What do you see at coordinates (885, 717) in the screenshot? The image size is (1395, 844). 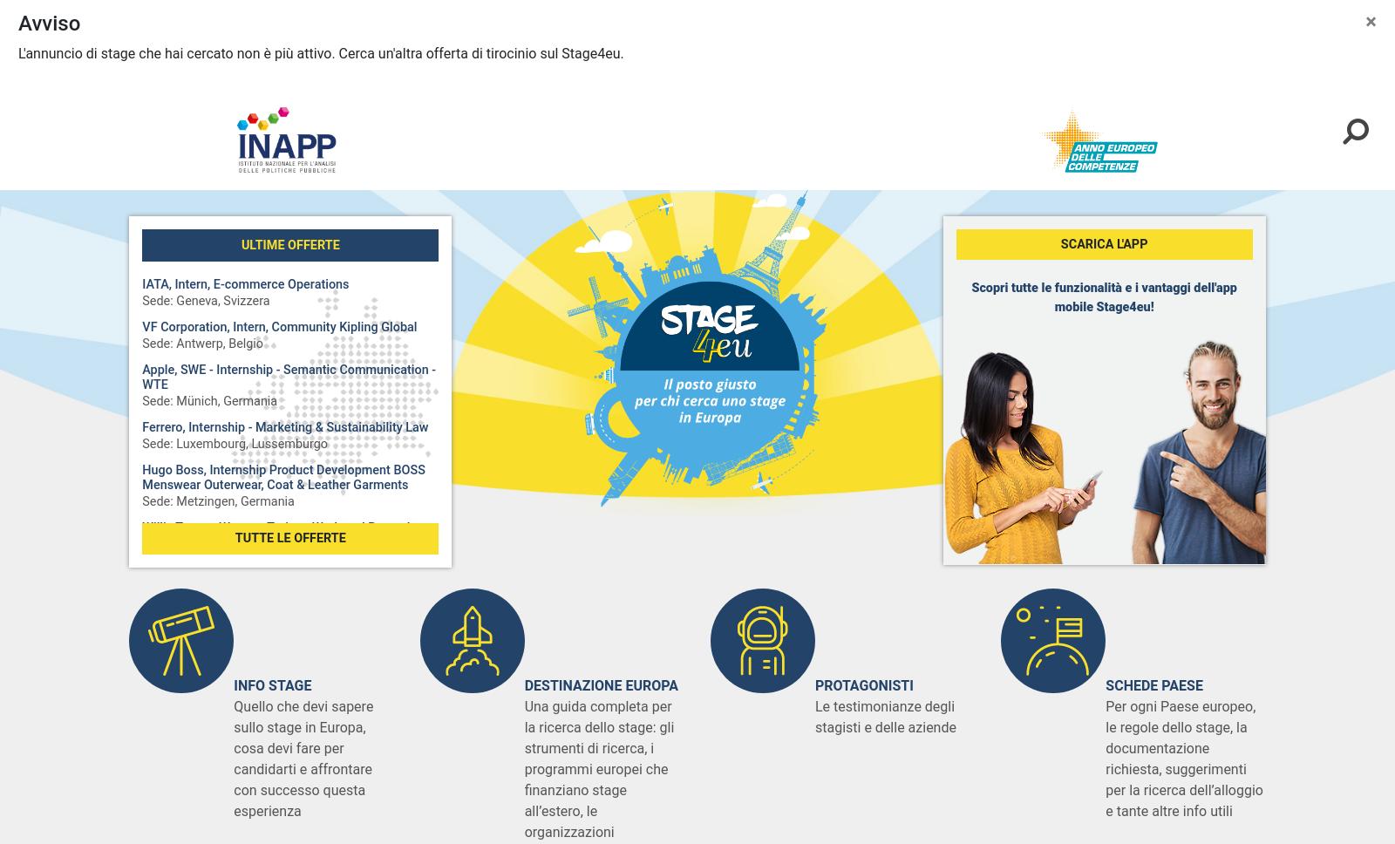 I see `'Le testimonianze degli stagisti e delle aziende'` at bounding box center [885, 717].